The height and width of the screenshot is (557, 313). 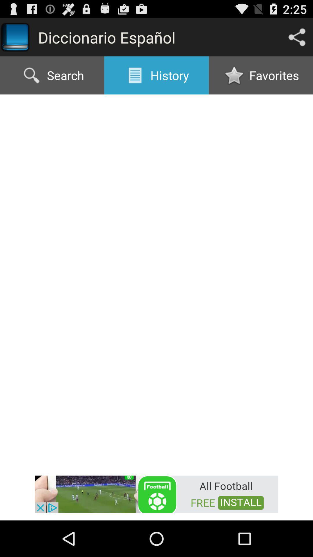 I want to click on the share icon, so click(x=297, y=39).